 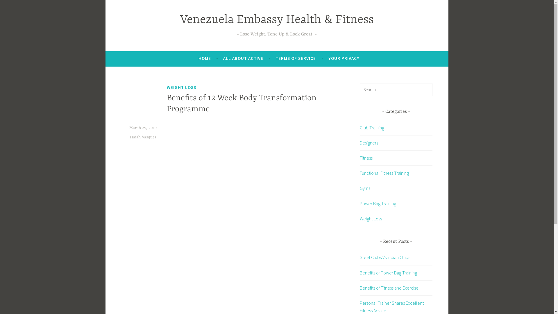 What do you see at coordinates (181, 87) in the screenshot?
I see `'WEIGHT LOSS'` at bounding box center [181, 87].